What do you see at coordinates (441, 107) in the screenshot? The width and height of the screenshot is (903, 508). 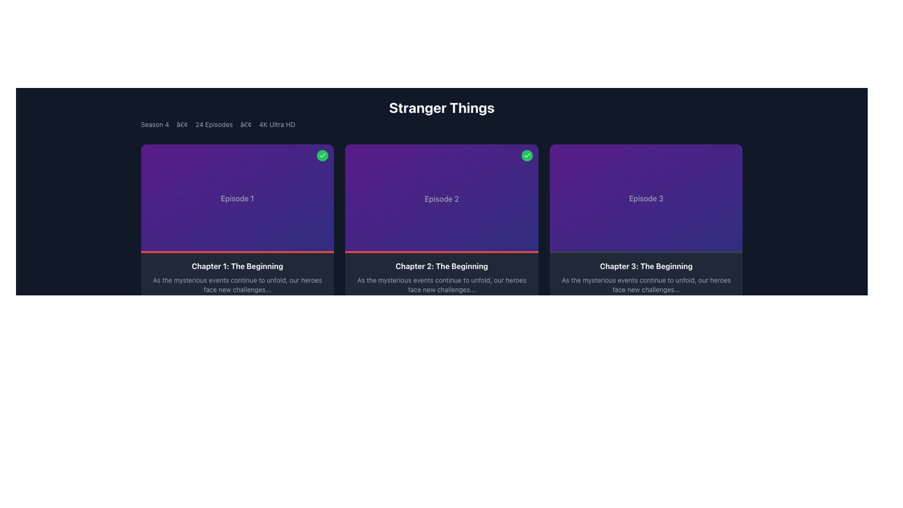 I see `displayed text of the 'Stranger Things' title label, which is prominently placed above the metadata text` at bounding box center [441, 107].